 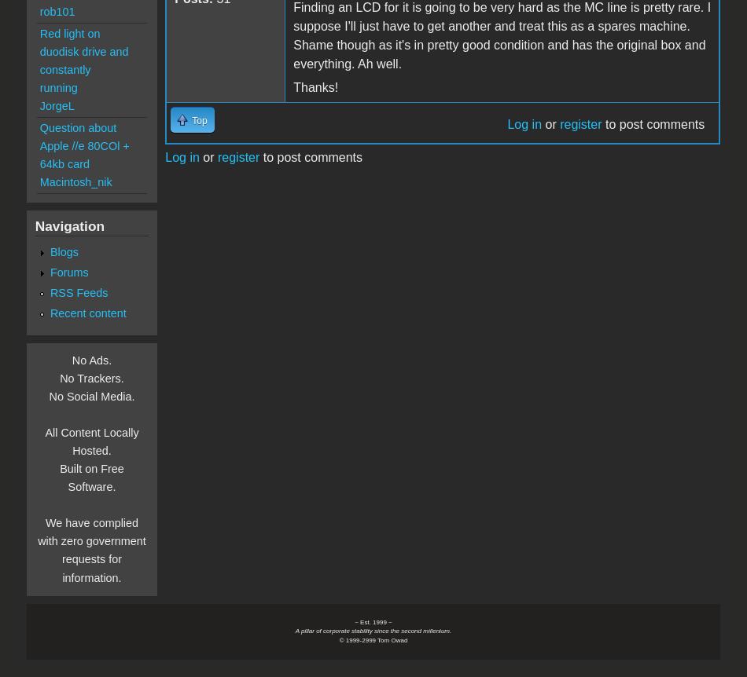 I want to click on 'No Trackers.', so click(x=91, y=379).